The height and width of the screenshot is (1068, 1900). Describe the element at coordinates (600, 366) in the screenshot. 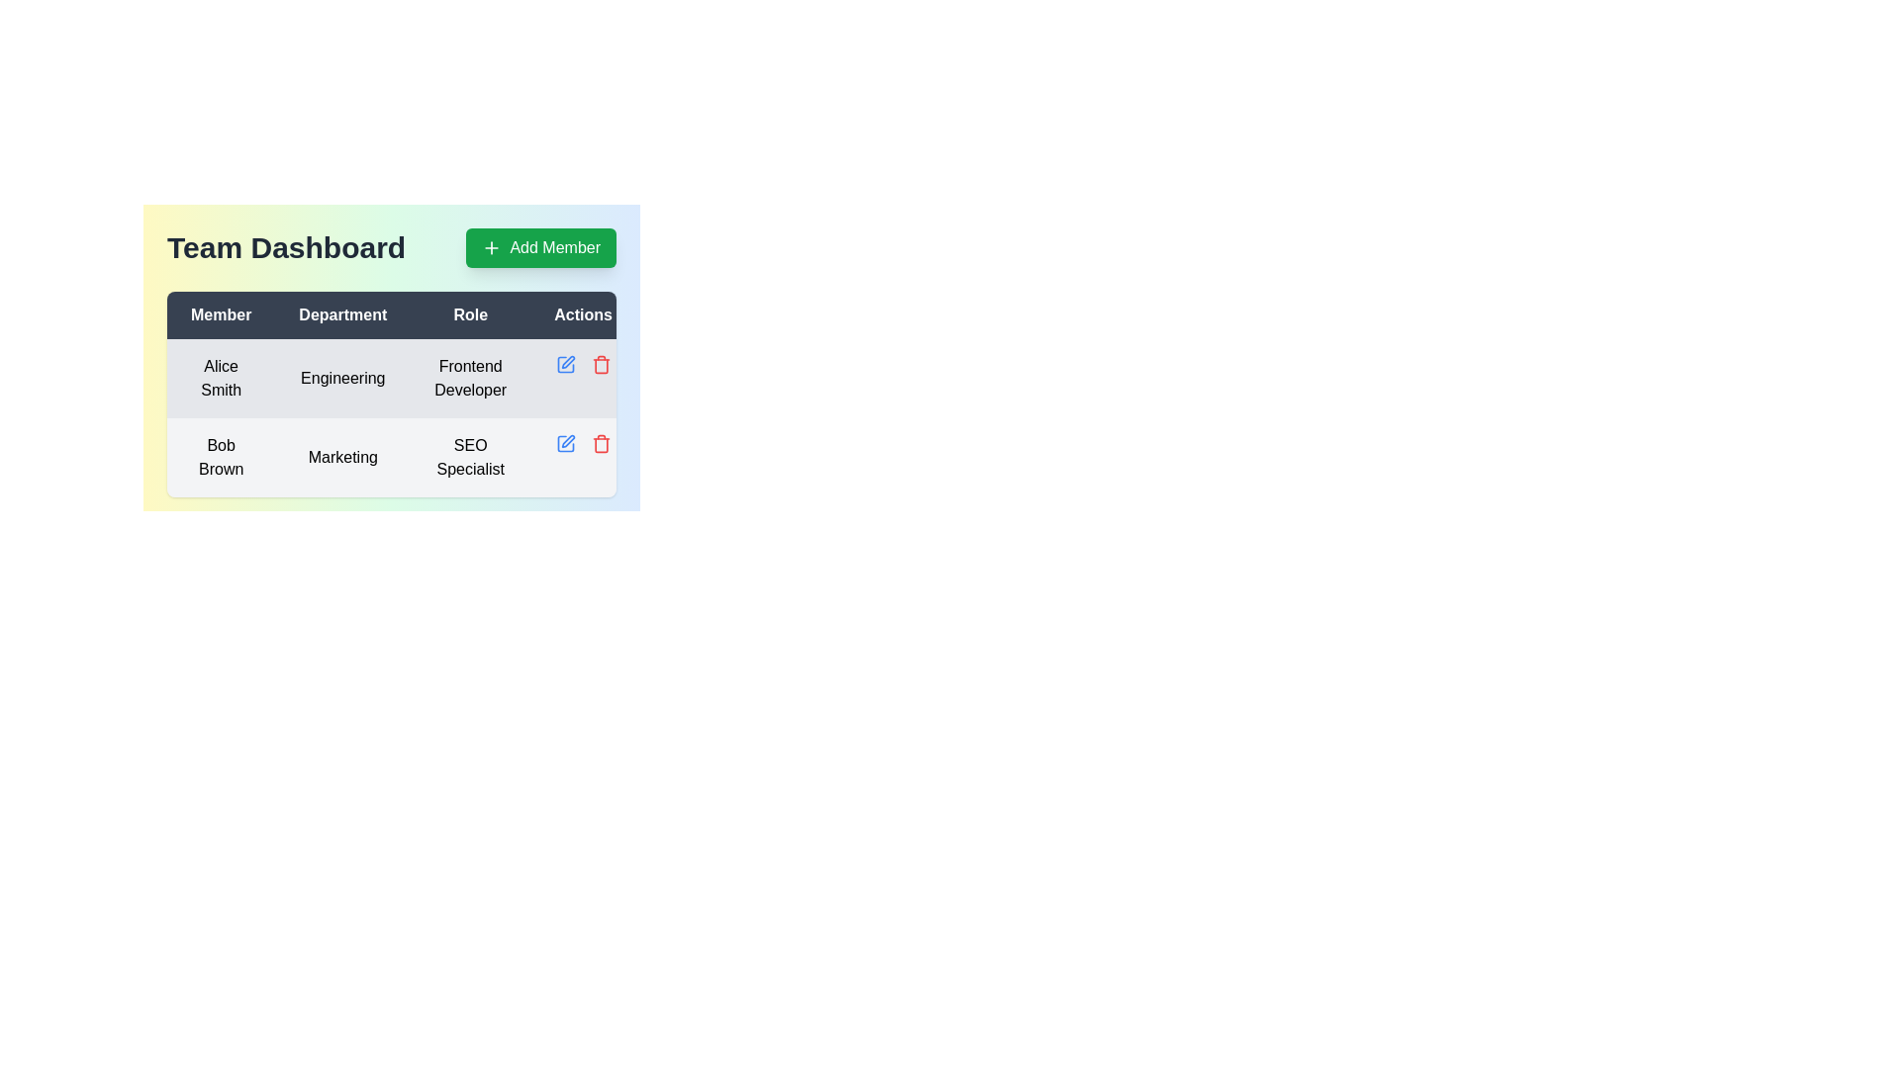

I see `the trash bin icon segment located in the 'Actions' column of the second data row, adjacent to the entry for 'Bob Brown'` at that location.